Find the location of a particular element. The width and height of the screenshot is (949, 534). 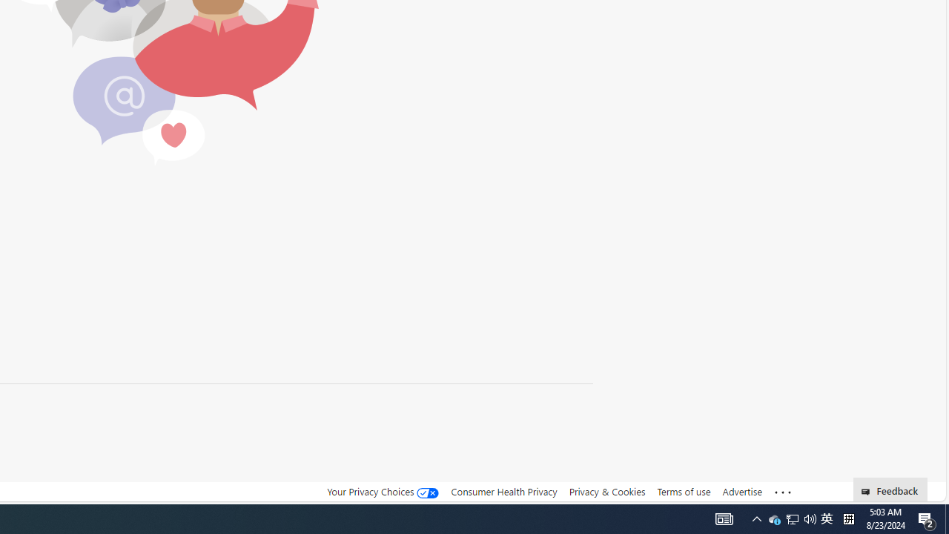

'Privacy & Cookies' is located at coordinates (606, 492).